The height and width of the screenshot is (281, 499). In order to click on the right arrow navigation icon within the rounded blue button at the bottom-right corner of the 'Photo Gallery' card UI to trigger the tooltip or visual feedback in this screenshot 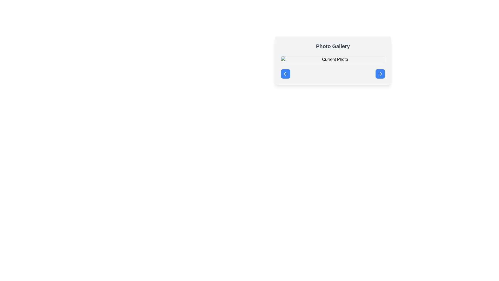, I will do `click(380, 74)`.